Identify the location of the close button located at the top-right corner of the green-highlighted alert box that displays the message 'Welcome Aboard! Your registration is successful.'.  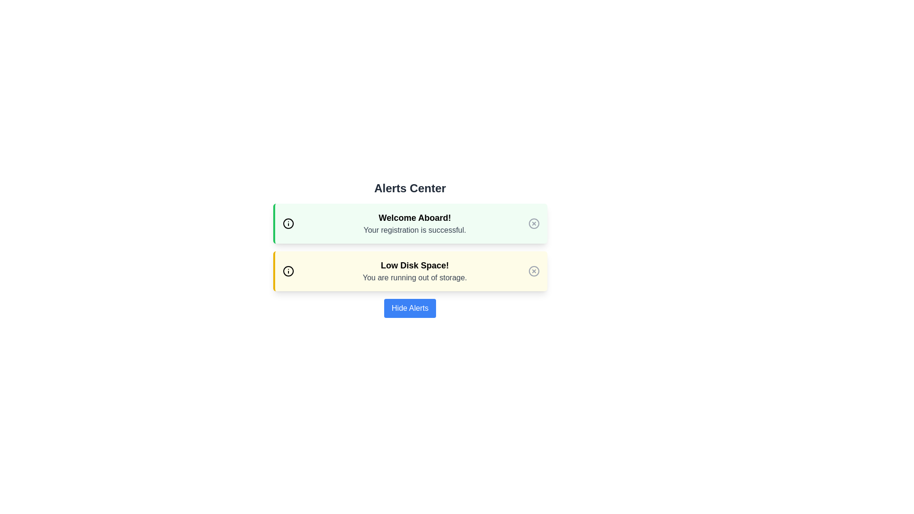
(534, 224).